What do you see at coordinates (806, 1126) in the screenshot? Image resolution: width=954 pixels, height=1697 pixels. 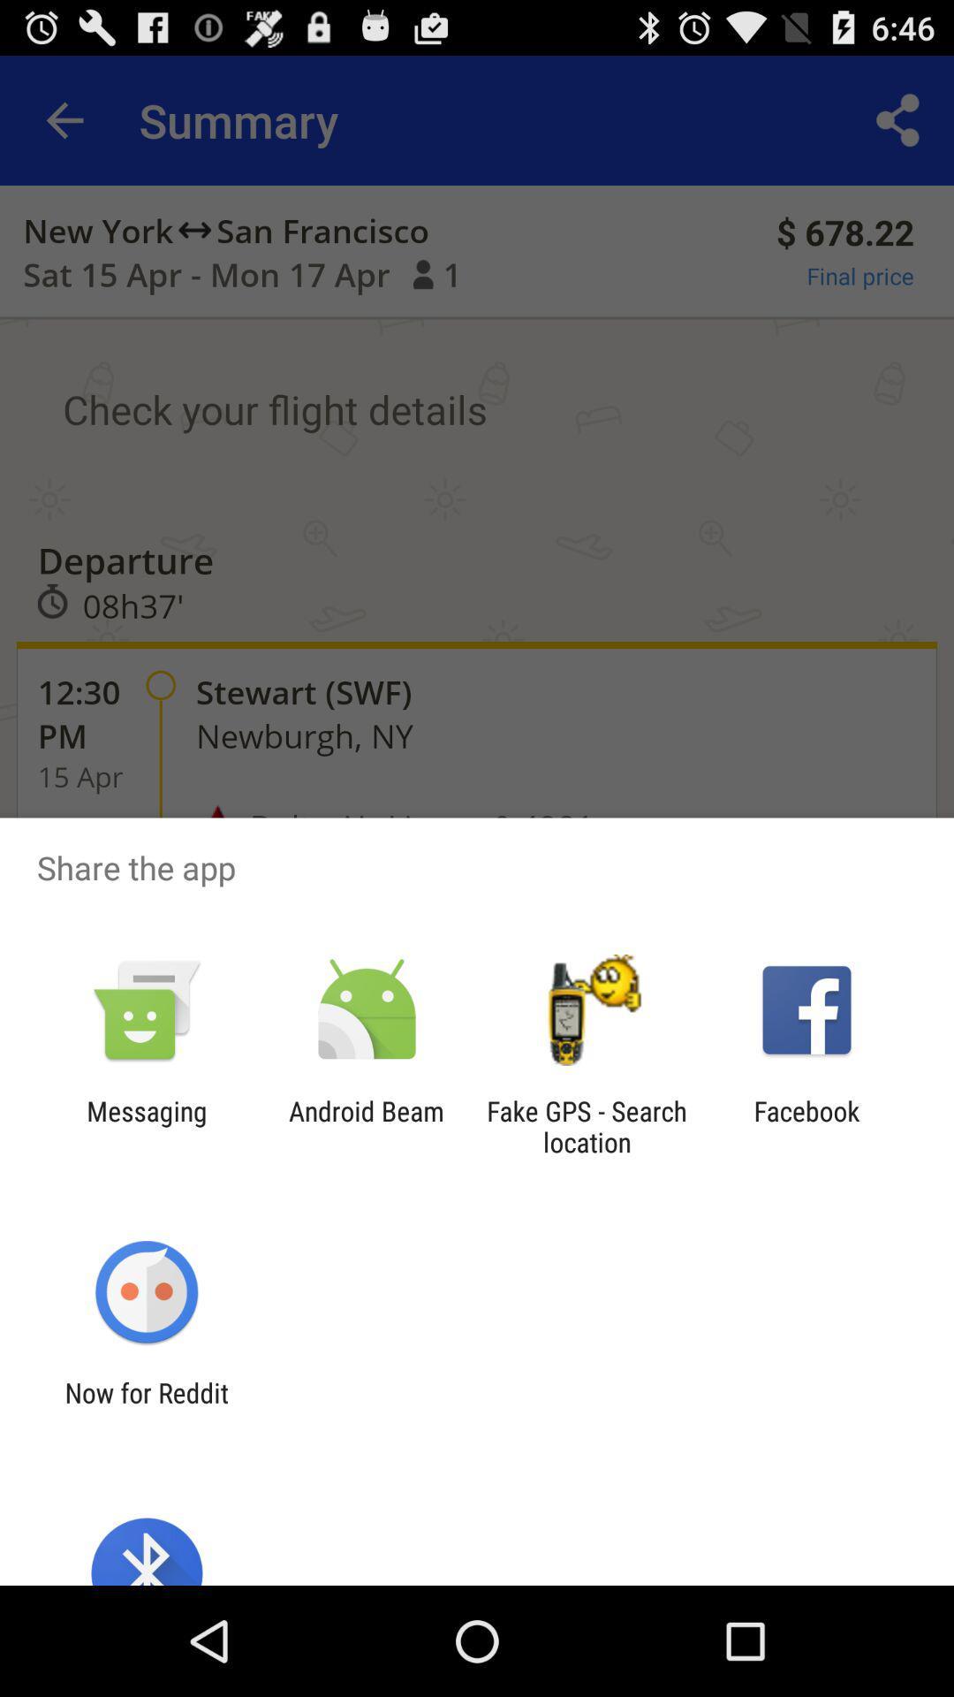 I see `icon next to the fake gps search item` at bounding box center [806, 1126].